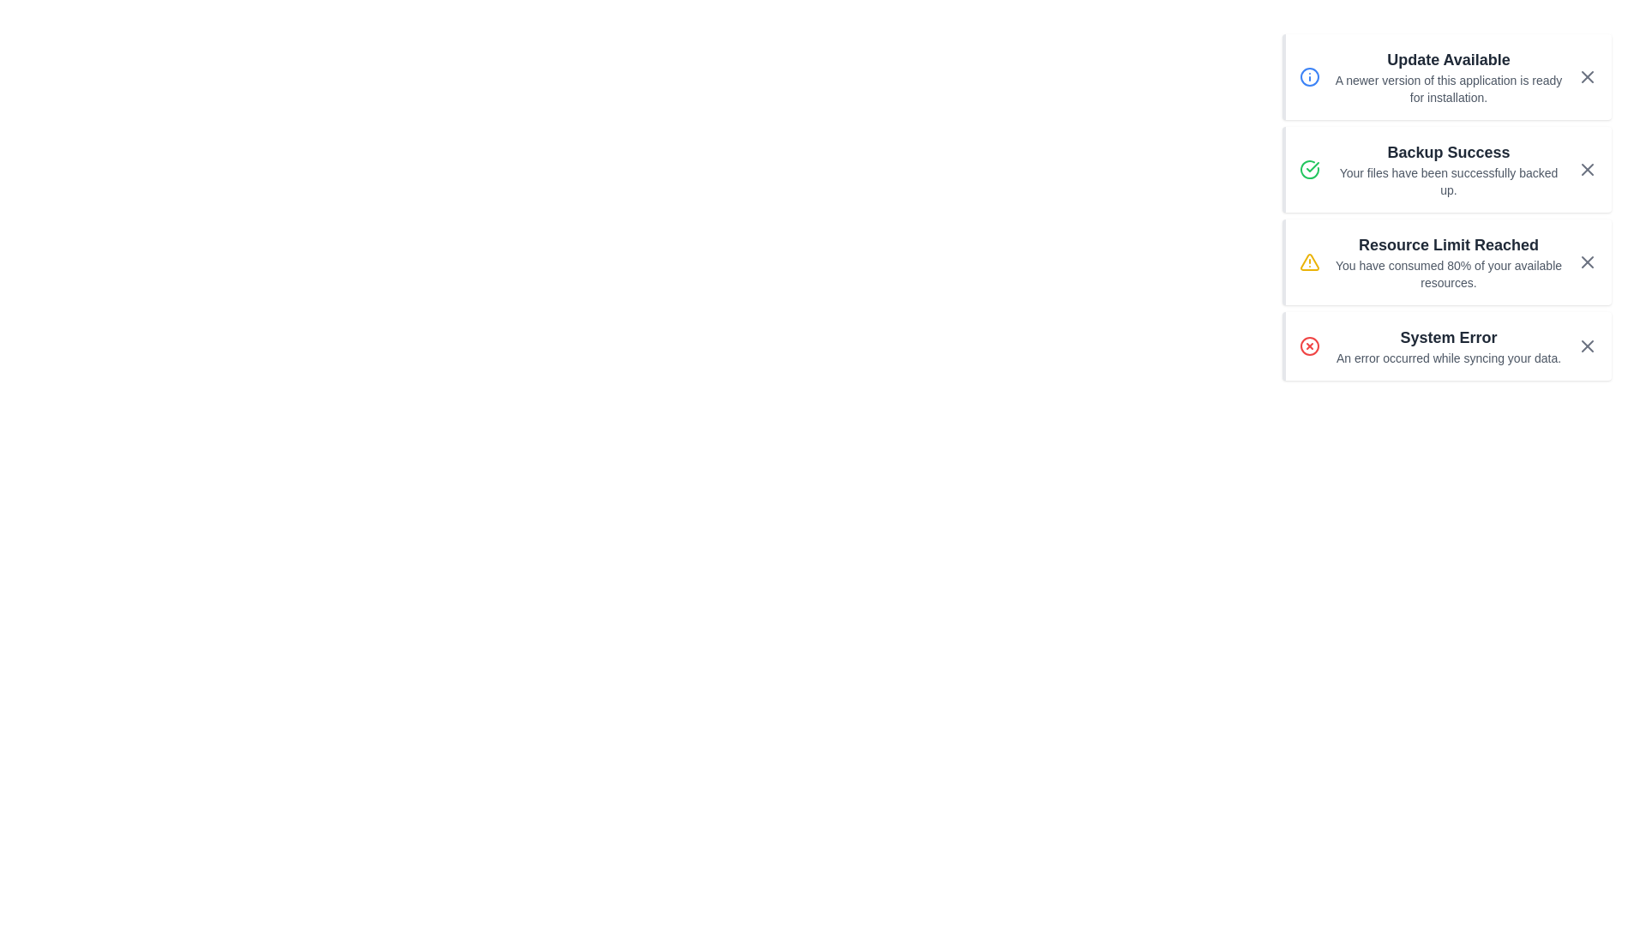  What do you see at coordinates (1447, 357) in the screenshot?
I see `the text block displaying 'An error occurred while syncing your data.'` at bounding box center [1447, 357].